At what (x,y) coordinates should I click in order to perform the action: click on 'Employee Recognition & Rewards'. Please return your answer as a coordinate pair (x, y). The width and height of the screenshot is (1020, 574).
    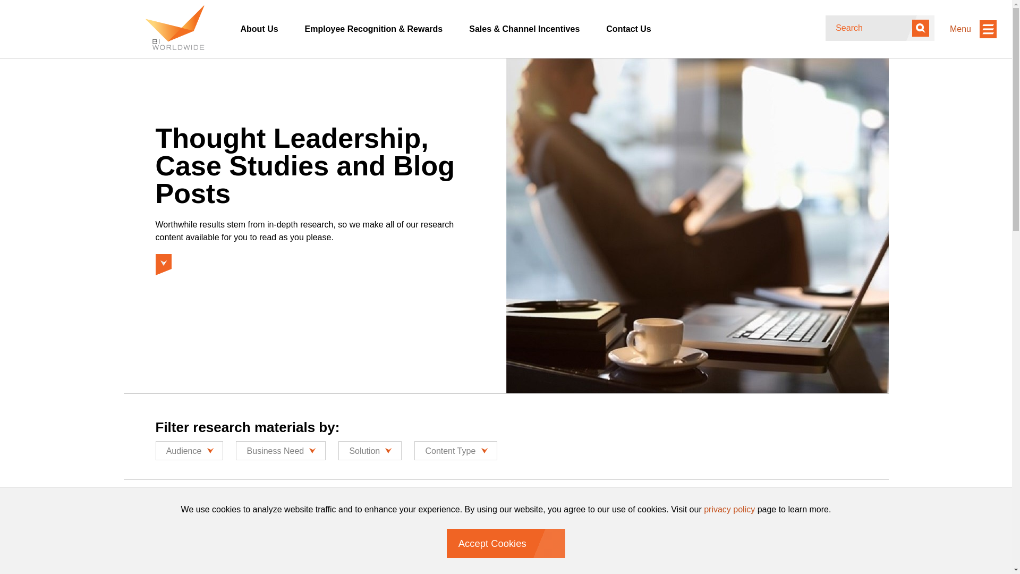
    Looking at the image, I should click on (374, 28).